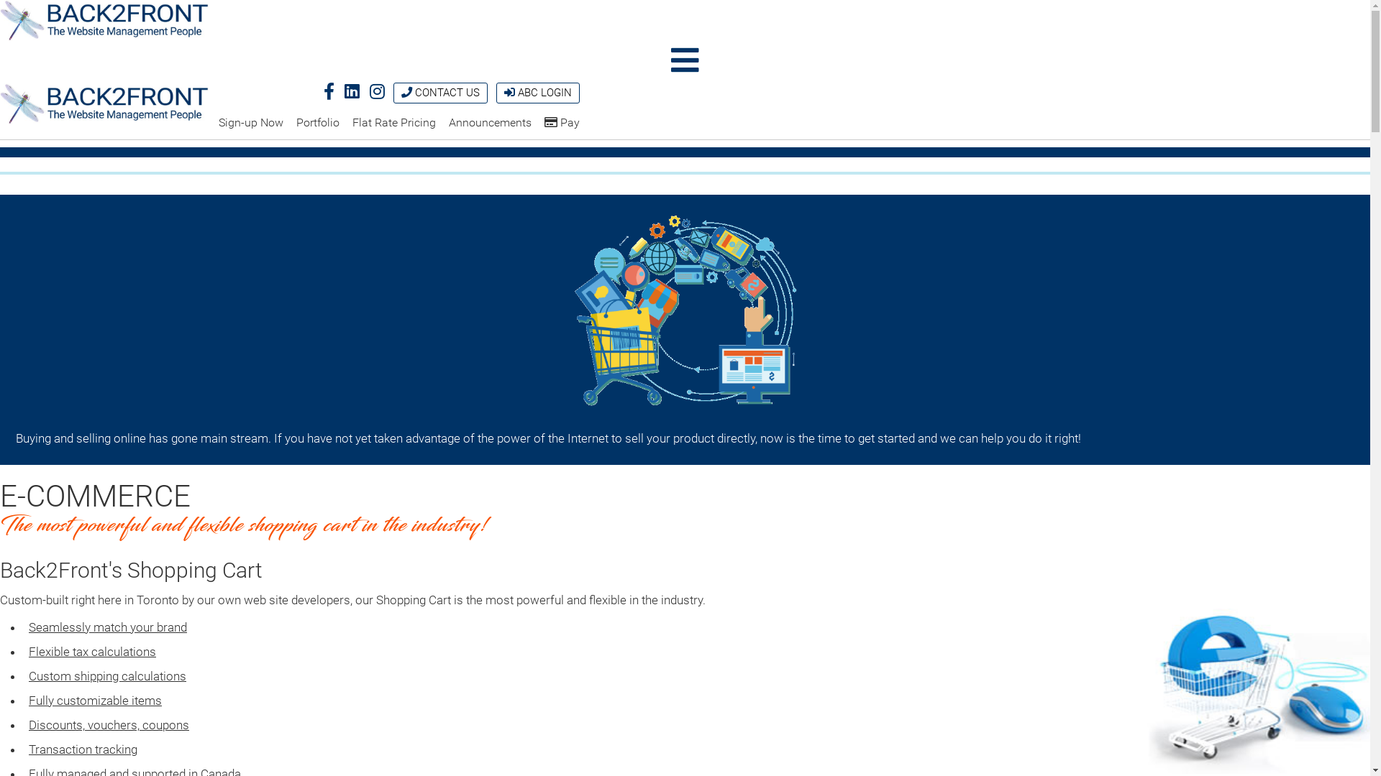 The height and width of the screenshot is (776, 1381). Describe the element at coordinates (490, 121) in the screenshot. I see `'Announcements'` at that location.